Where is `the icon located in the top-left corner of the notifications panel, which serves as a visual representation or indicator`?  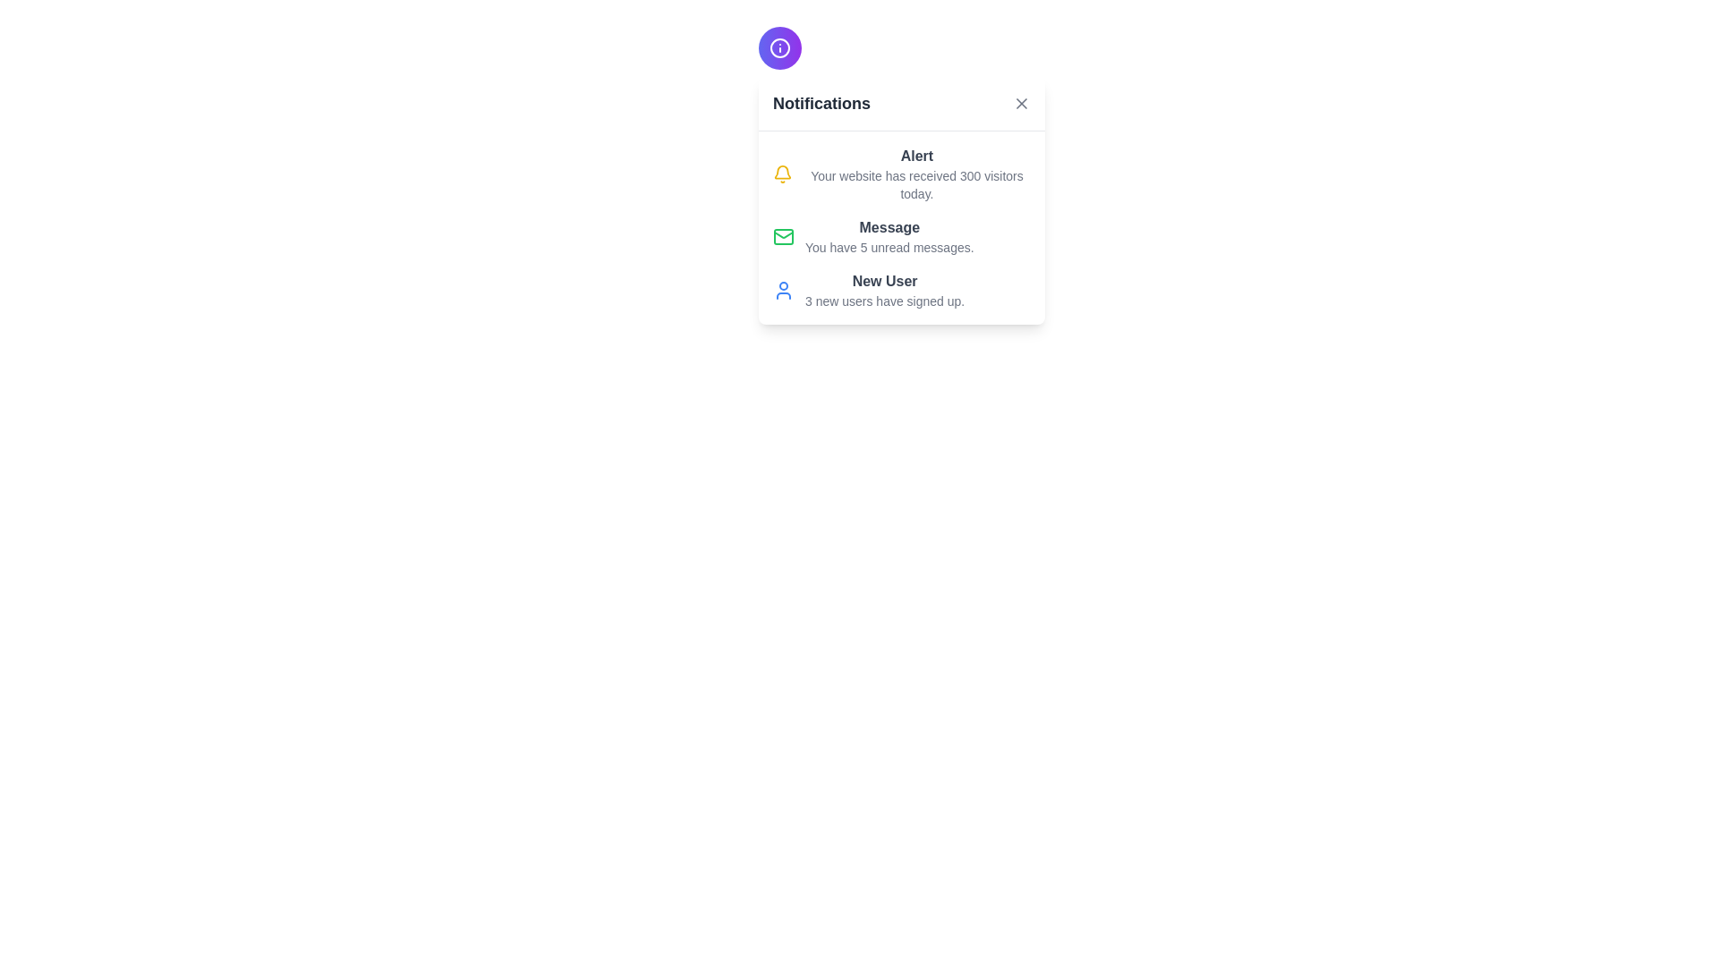 the icon located in the top-left corner of the notifications panel, which serves as a visual representation or indicator is located at coordinates (780, 47).